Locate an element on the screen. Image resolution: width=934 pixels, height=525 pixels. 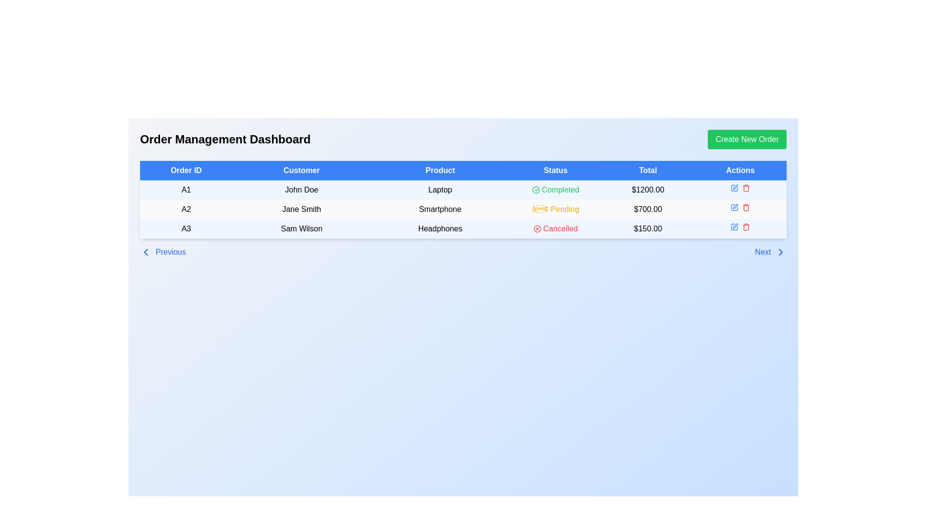
the trash bin icon button in the 'Actions' column of the third row is located at coordinates (746, 188).